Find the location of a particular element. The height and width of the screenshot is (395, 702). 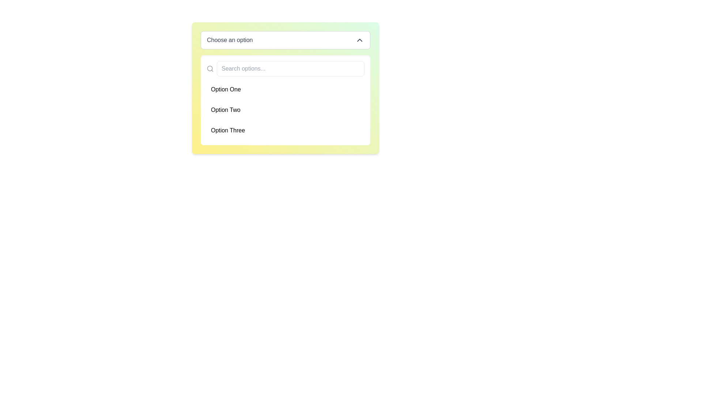

the 'Option Two' choice in the dropdown list is located at coordinates (225, 110).